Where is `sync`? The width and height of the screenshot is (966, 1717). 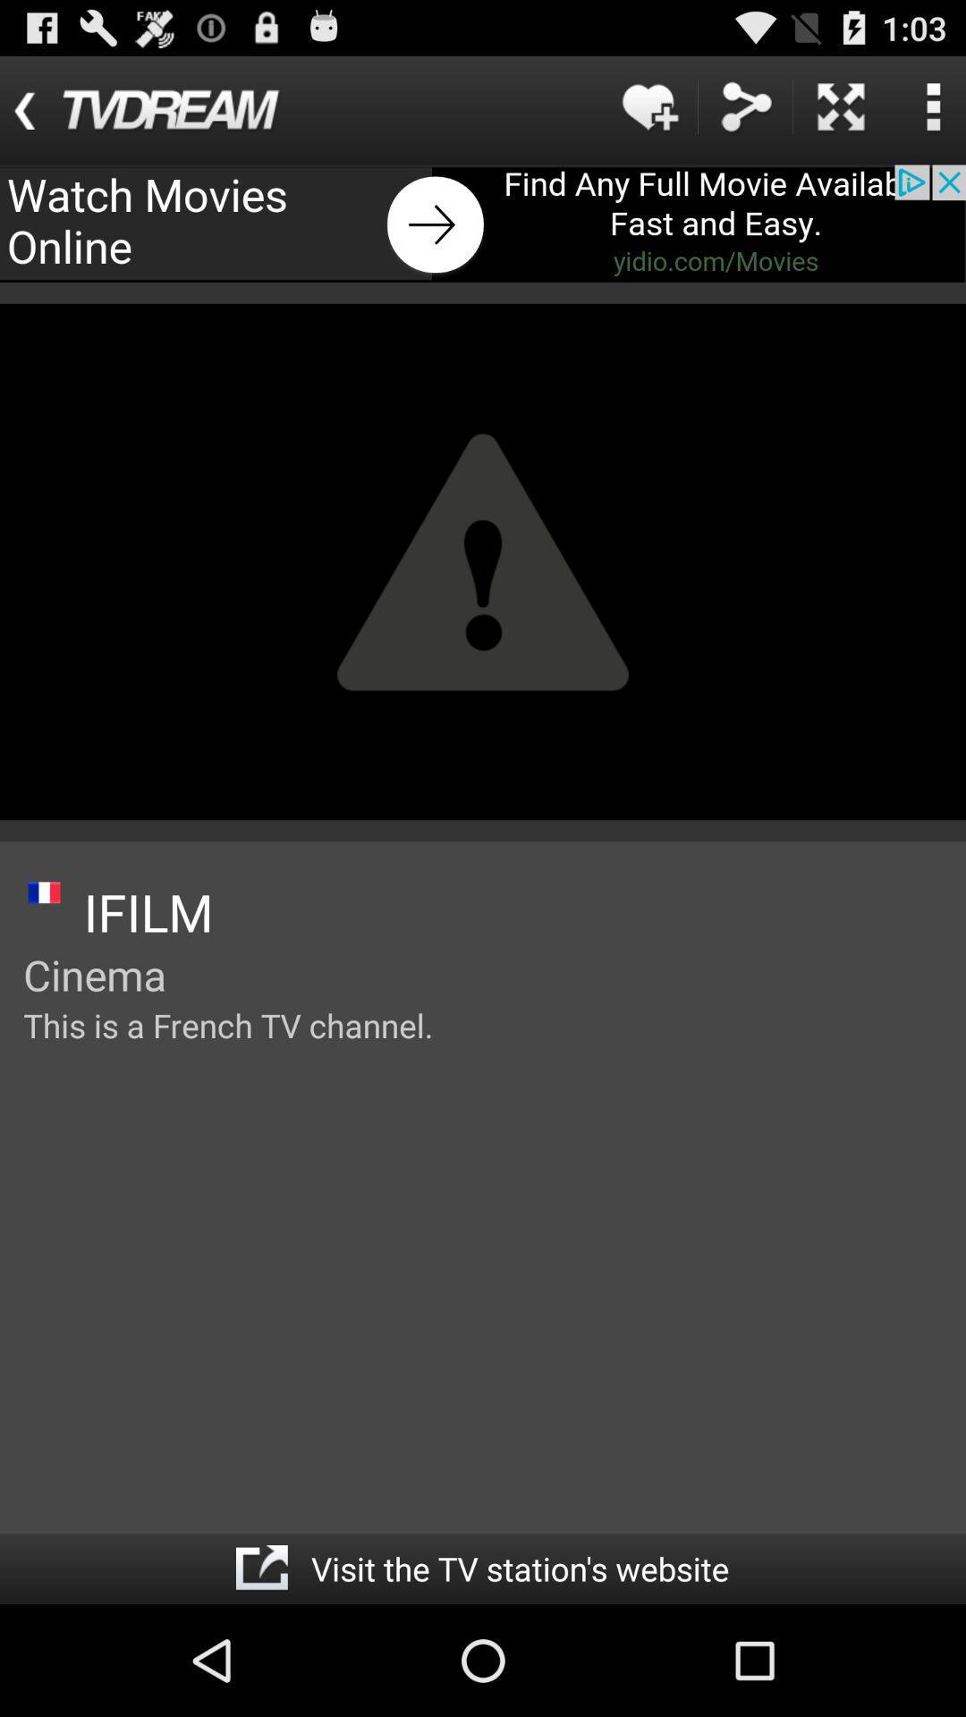
sync is located at coordinates (745, 106).